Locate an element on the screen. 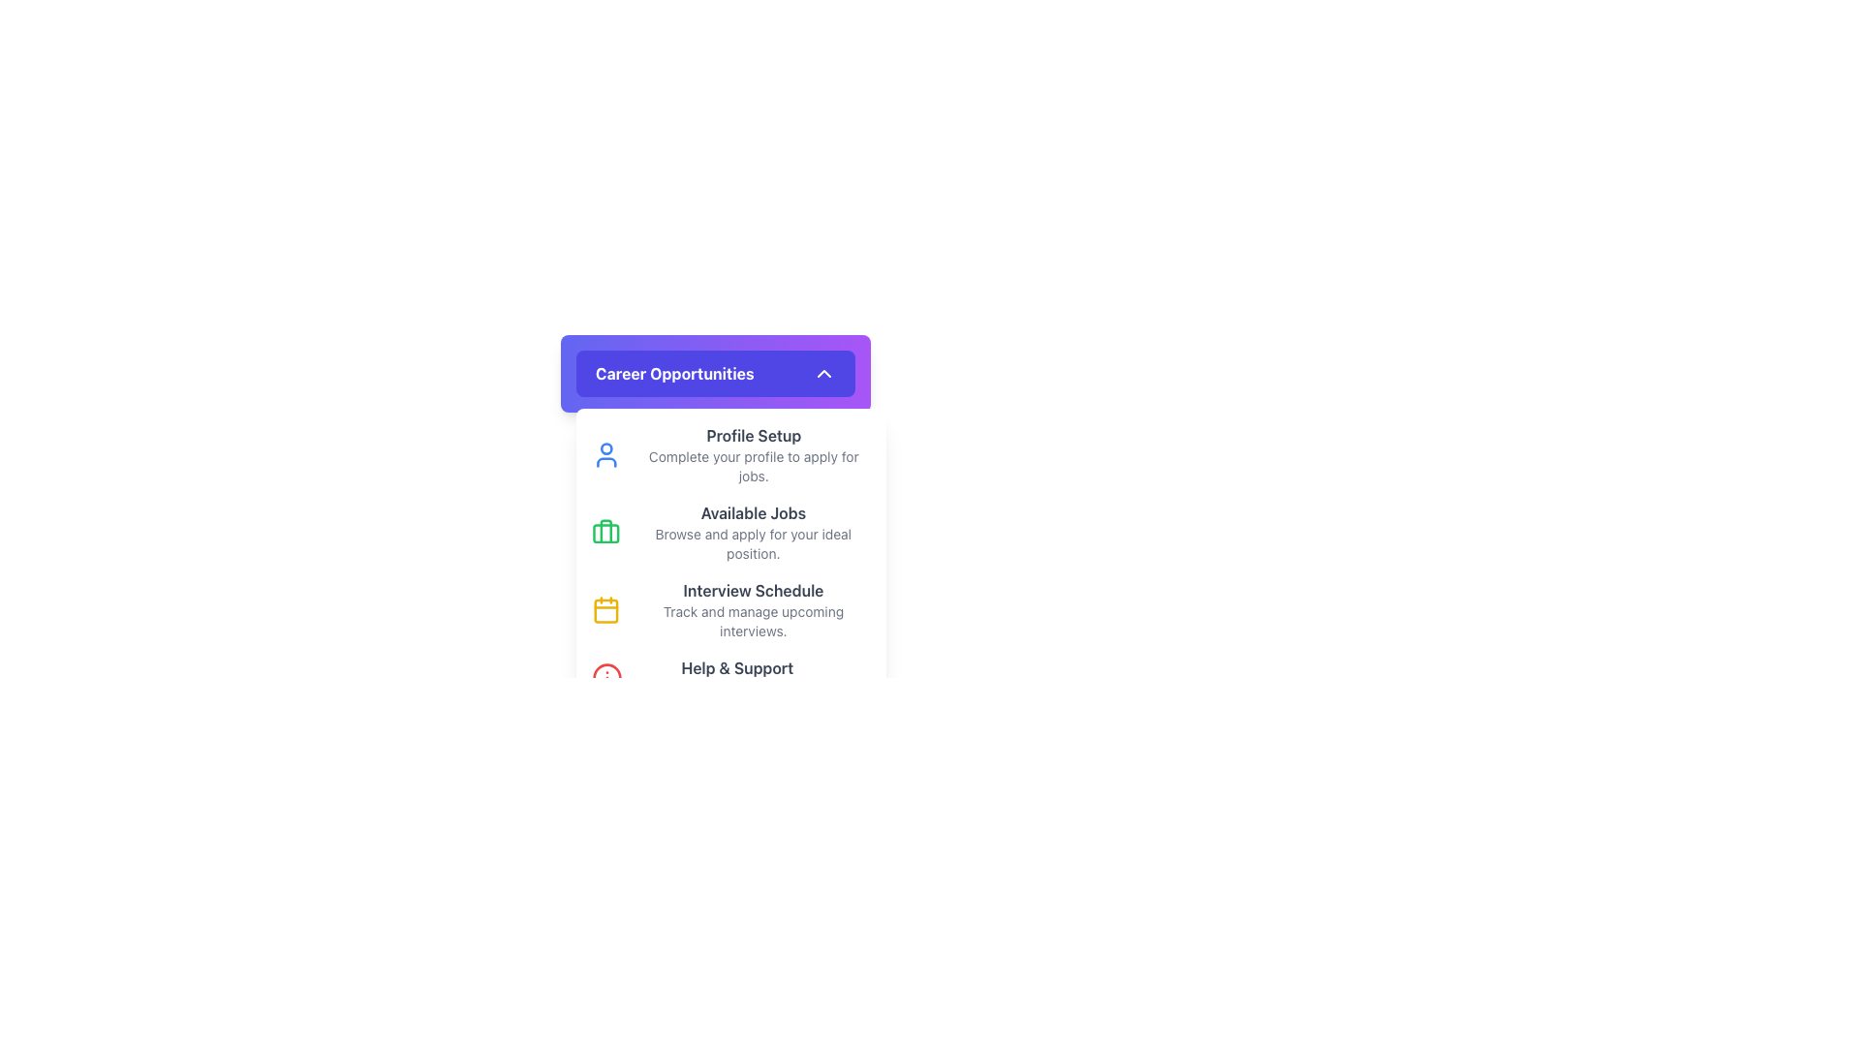  the 'Career Opportunities' dropdown header, which features a gradient background and an upward chevron icon, to trigger a tooltip or highlight effect is located at coordinates (715, 373).